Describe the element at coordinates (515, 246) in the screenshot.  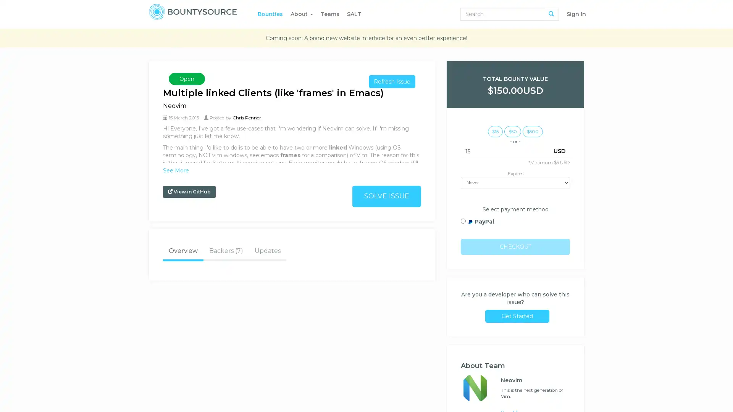
I see `CHECKOUT` at that location.